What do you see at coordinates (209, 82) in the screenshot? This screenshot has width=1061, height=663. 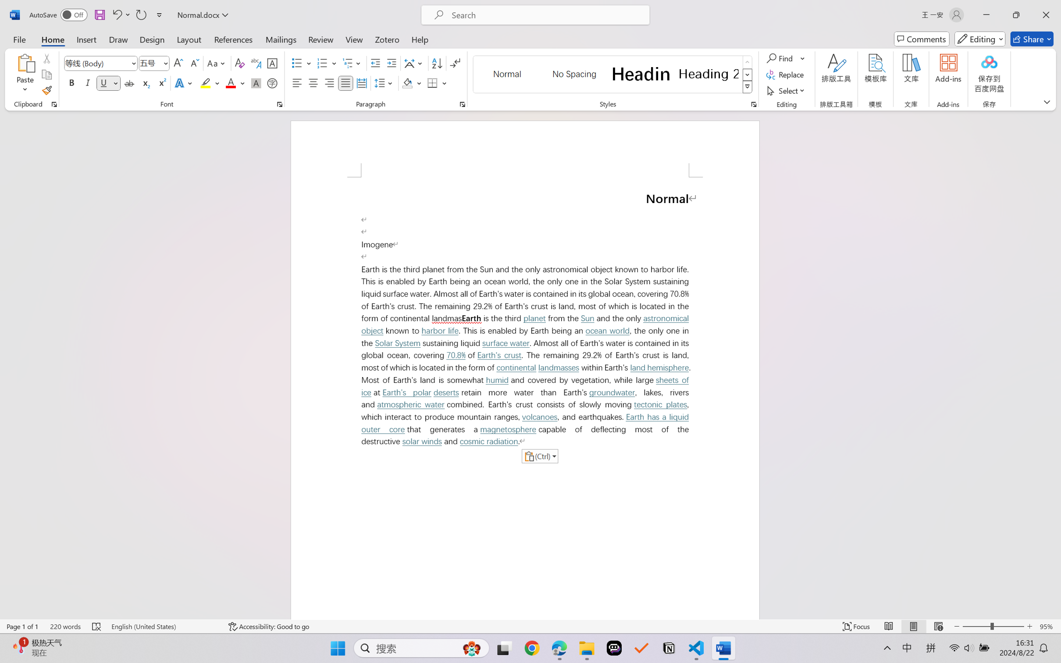 I see `'Text Highlight Color'` at bounding box center [209, 82].